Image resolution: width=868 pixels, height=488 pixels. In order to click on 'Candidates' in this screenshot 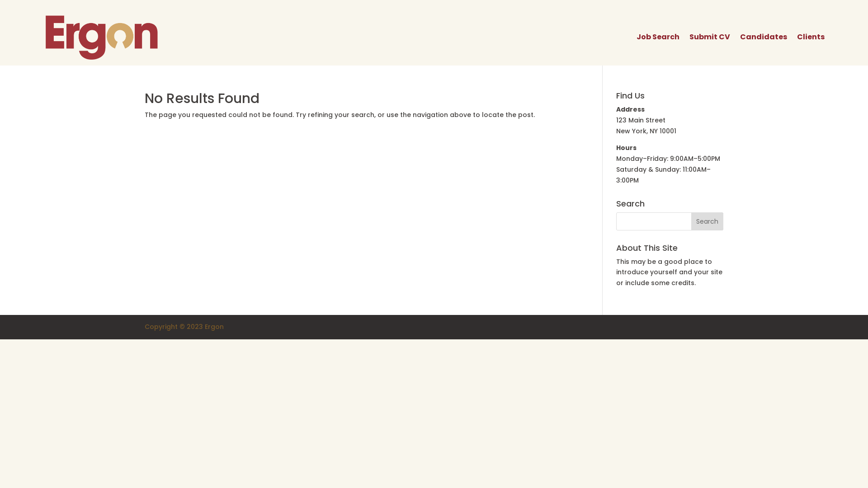, I will do `click(763, 36)`.